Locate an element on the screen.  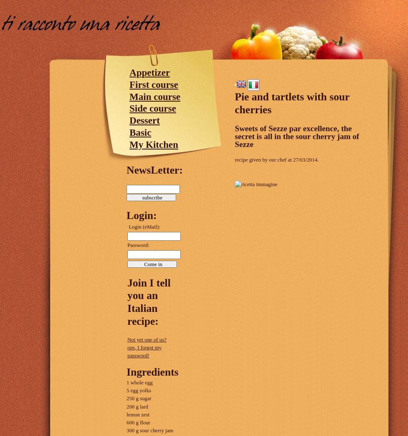
'recipe given by our chef' is located at coordinates (261, 159).